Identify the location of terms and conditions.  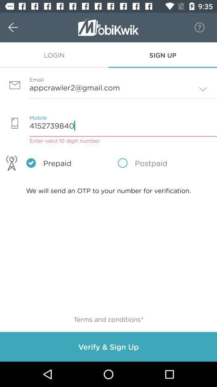
(108, 319).